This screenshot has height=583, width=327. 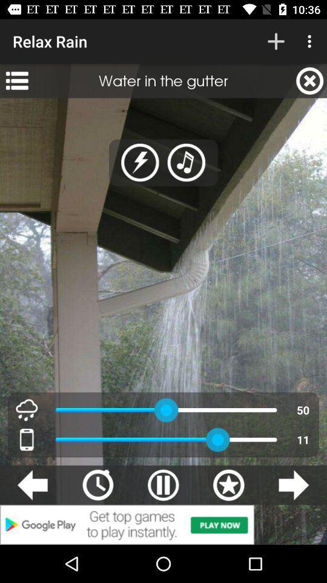 What do you see at coordinates (139, 162) in the screenshot?
I see `icon below water in the item` at bounding box center [139, 162].